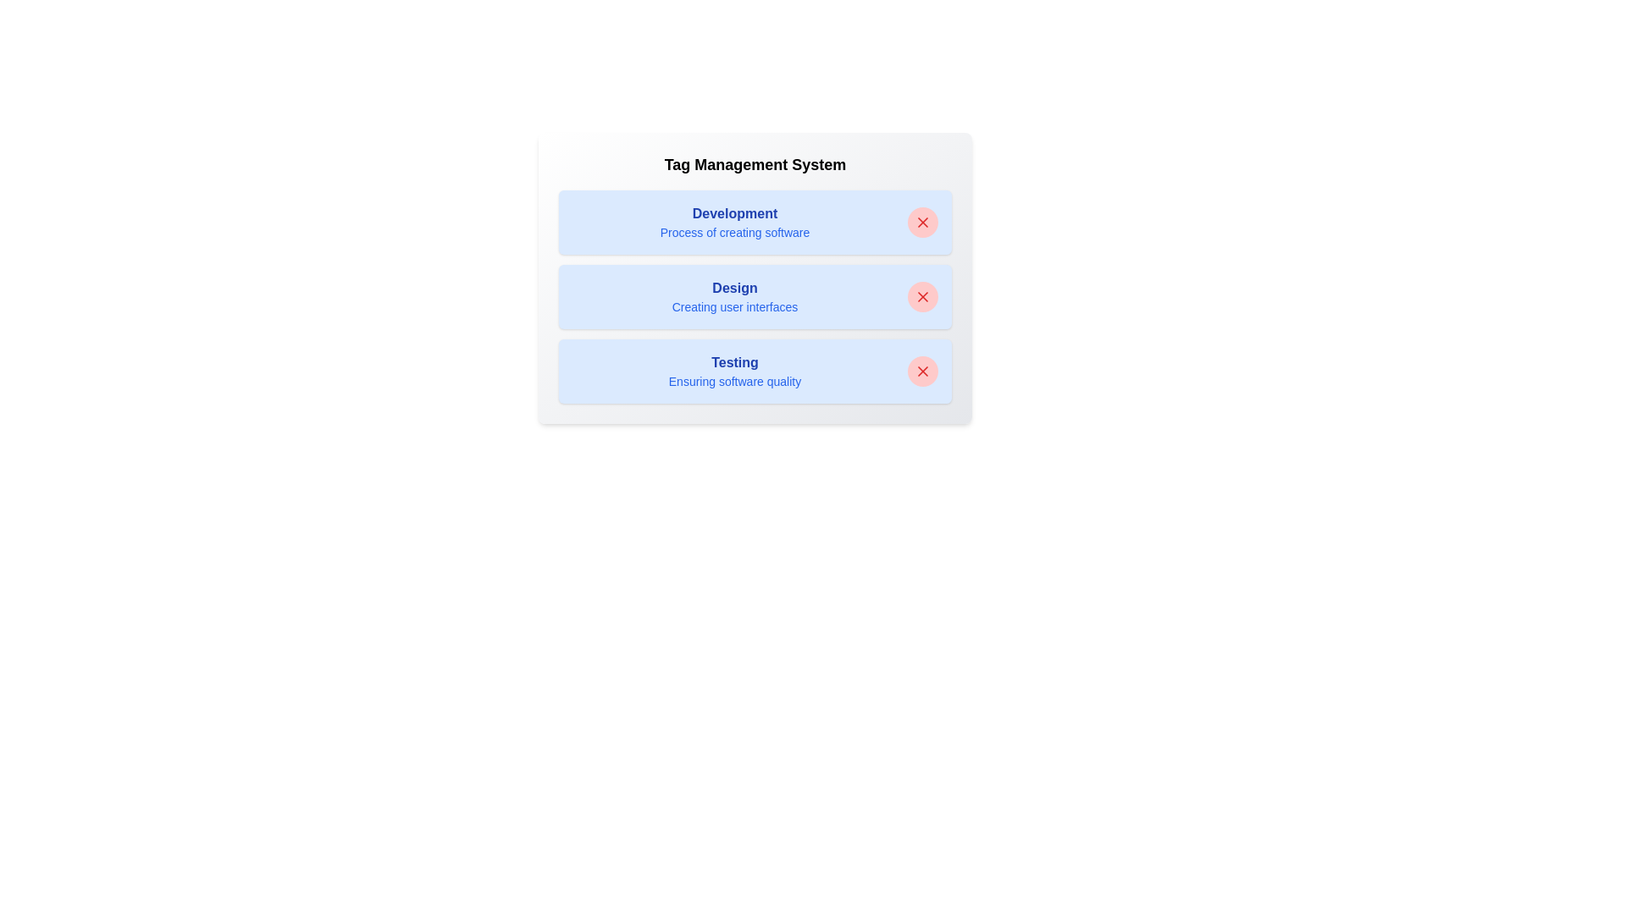  I want to click on close button next to the tag labeled 'Testing' to remove it, so click(921, 371).